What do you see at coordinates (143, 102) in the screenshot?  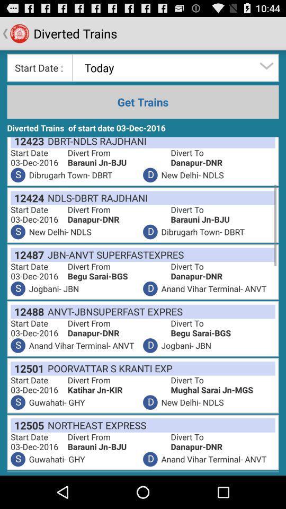 I see `get trains icon` at bounding box center [143, 102].